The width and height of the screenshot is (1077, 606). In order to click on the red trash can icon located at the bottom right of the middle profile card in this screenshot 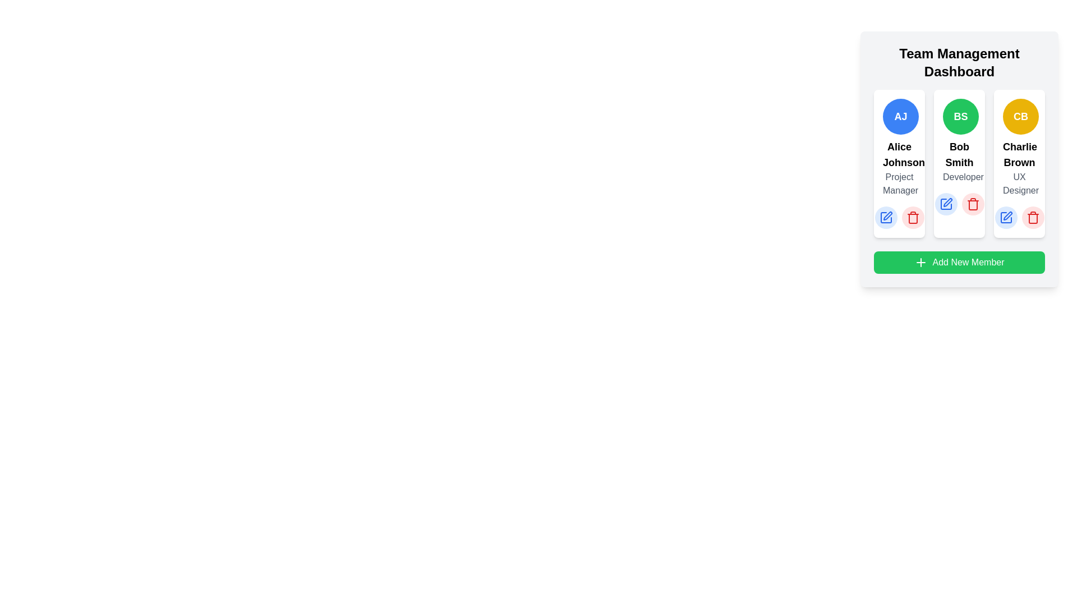, I will do `click(972, 204)`.